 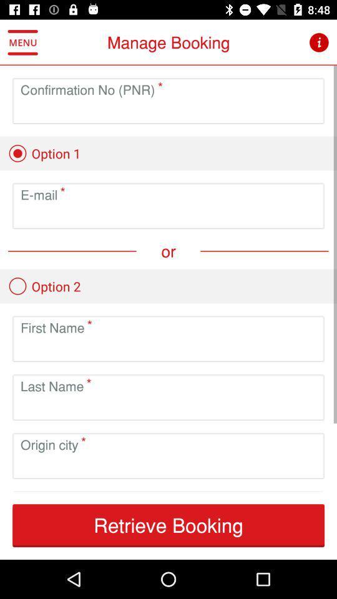 I want to click on origin city space, so click(x=168, y=465).